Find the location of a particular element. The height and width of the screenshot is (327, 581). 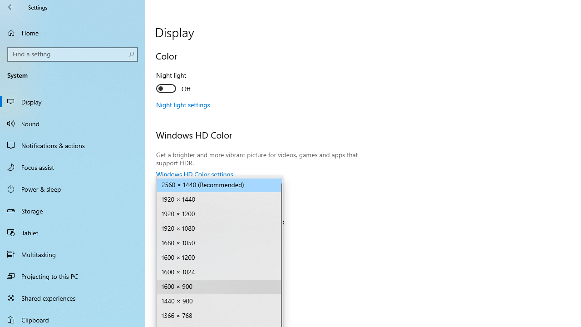

'Night light' is located at coordinates (189, 83).